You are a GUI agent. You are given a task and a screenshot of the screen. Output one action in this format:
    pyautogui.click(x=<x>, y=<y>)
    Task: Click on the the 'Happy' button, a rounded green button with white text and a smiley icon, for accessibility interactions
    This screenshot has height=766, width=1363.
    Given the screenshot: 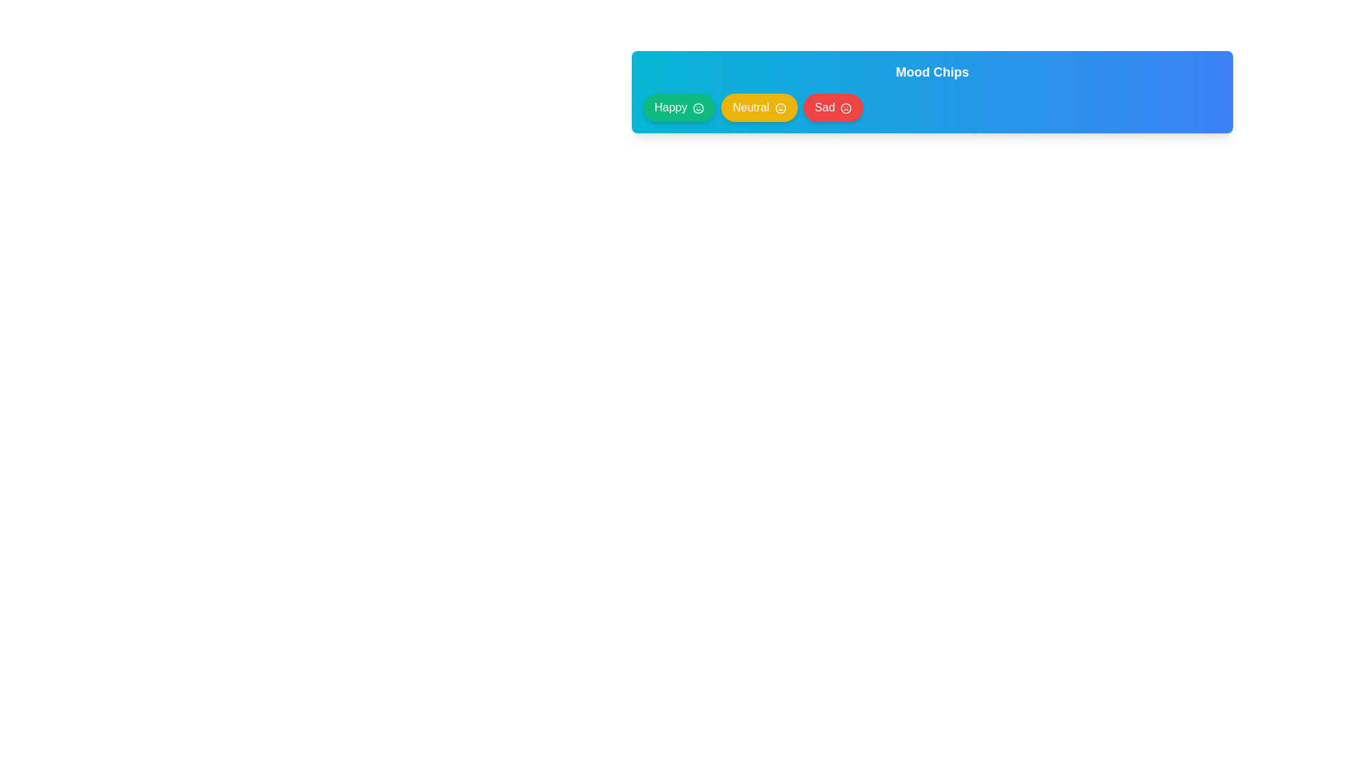 What is the action you would take?
    pyautogui.click(x=679, y=106)
    